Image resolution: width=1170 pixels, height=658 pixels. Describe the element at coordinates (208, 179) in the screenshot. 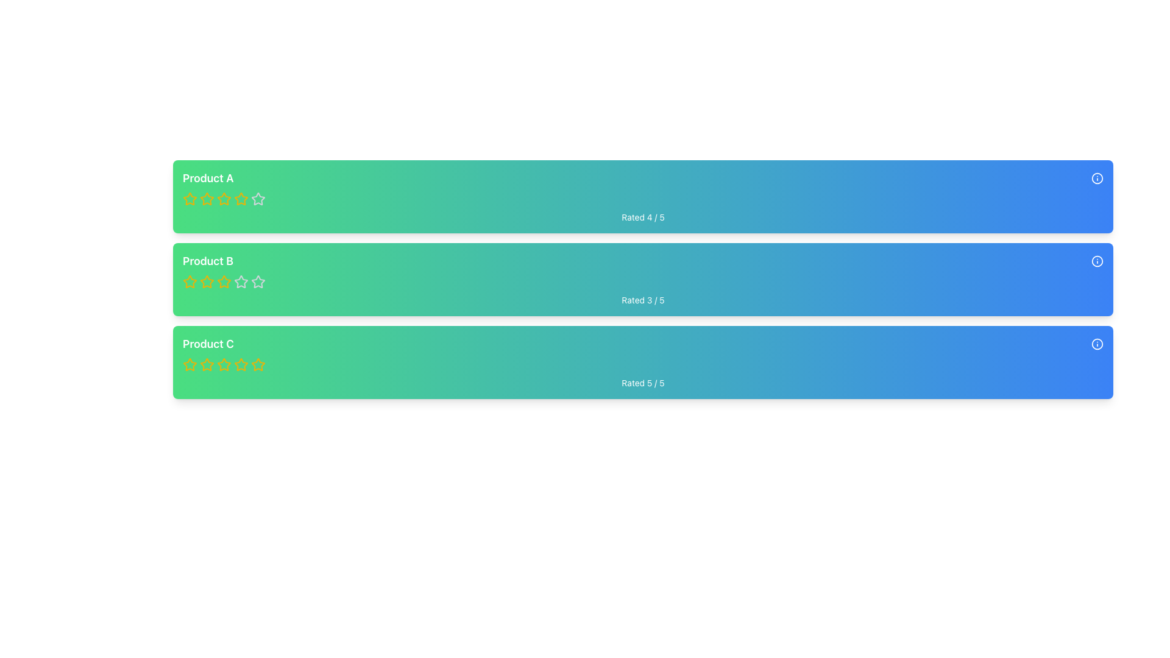

I see `the Text Label displaying 'Product A', which is located at the upper left of the first row in a vertically stacked list of items` at that location.